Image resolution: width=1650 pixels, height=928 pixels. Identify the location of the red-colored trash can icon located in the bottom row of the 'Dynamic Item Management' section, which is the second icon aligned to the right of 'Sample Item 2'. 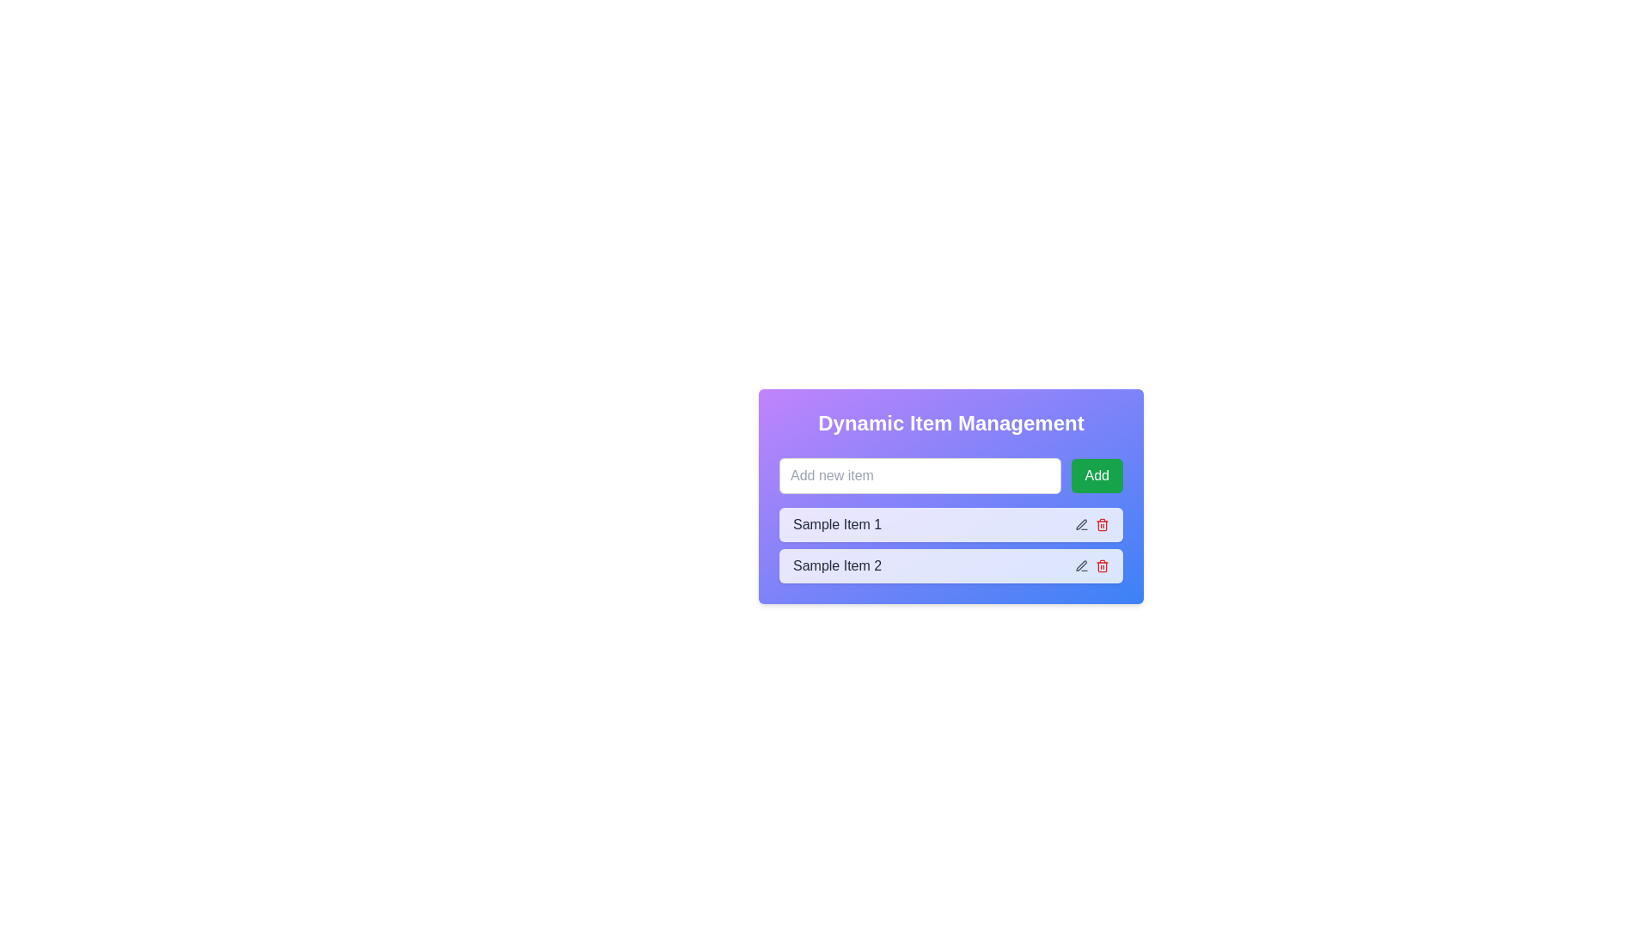
(1102, 566).